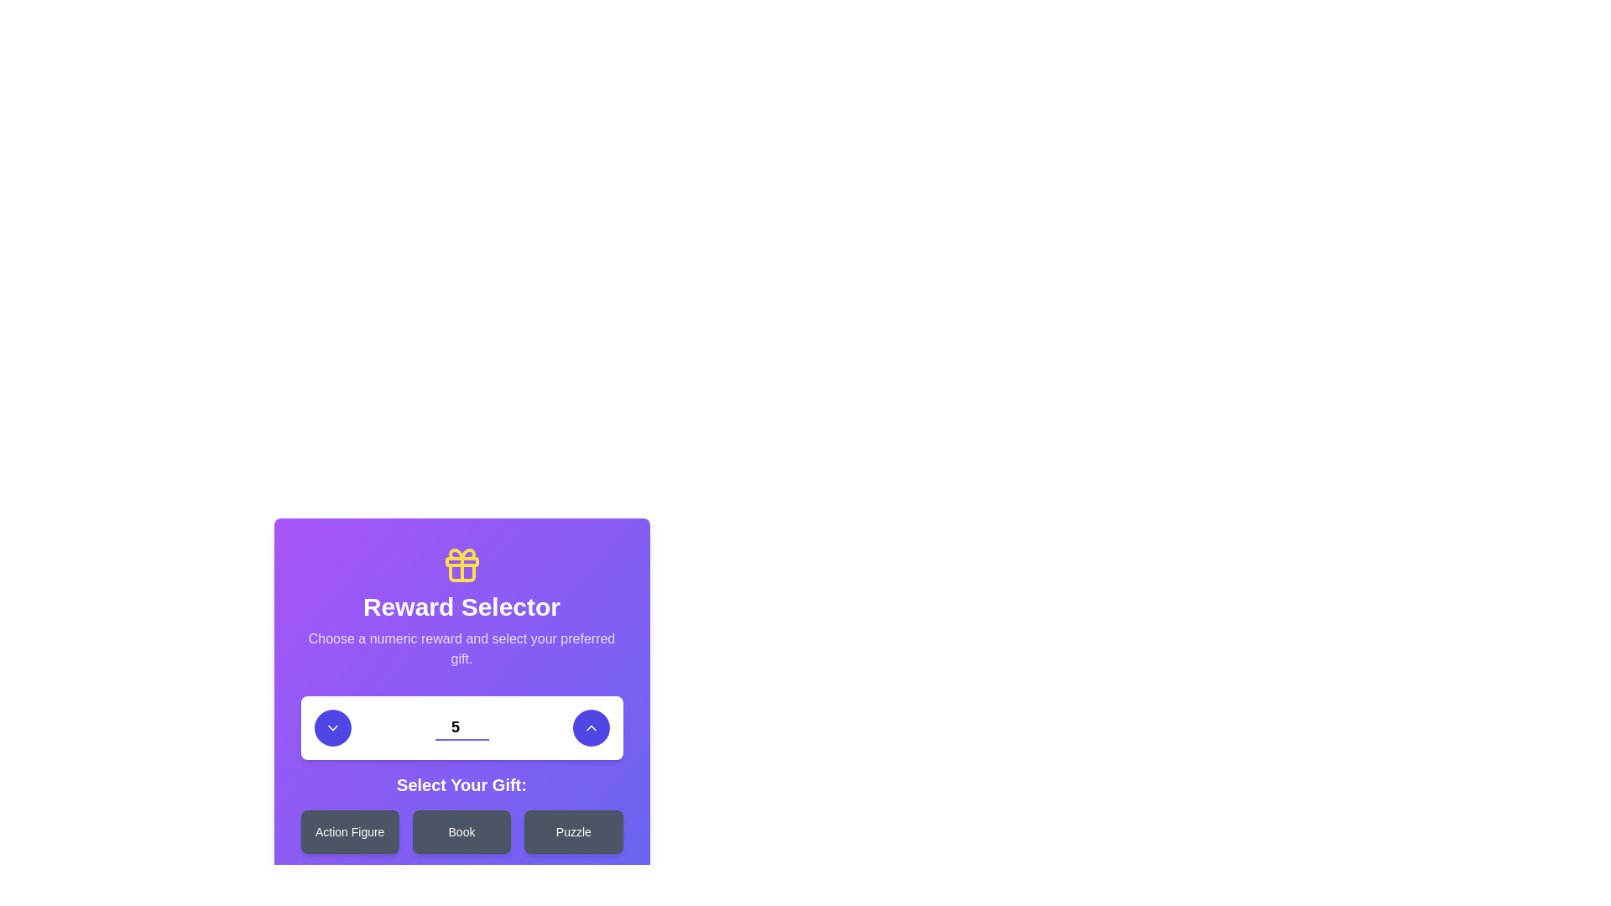  I want to click on the circular button with a purple background and a white upward-chevron icon located on the right side of the numeric input field labeled '5', so click(591, 726).